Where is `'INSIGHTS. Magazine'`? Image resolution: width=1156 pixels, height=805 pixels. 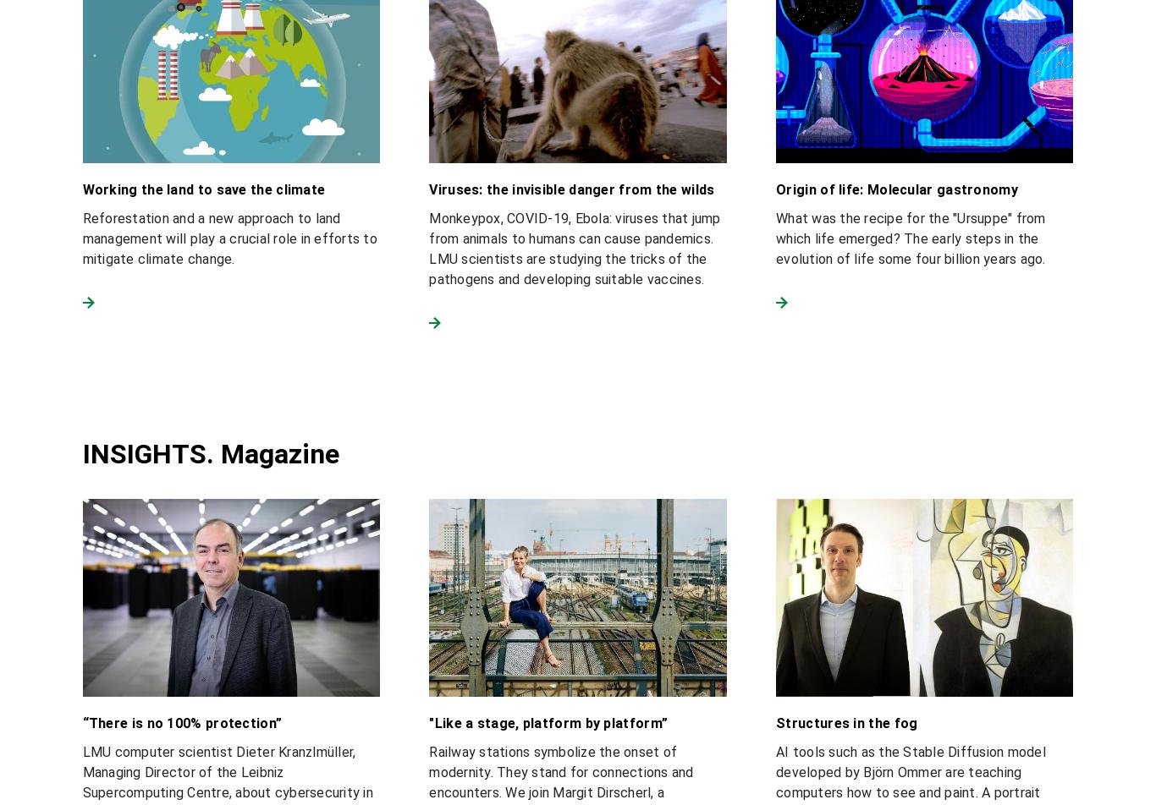
'INSIGHTS. Magazine' is located at coordinates (210, 452).